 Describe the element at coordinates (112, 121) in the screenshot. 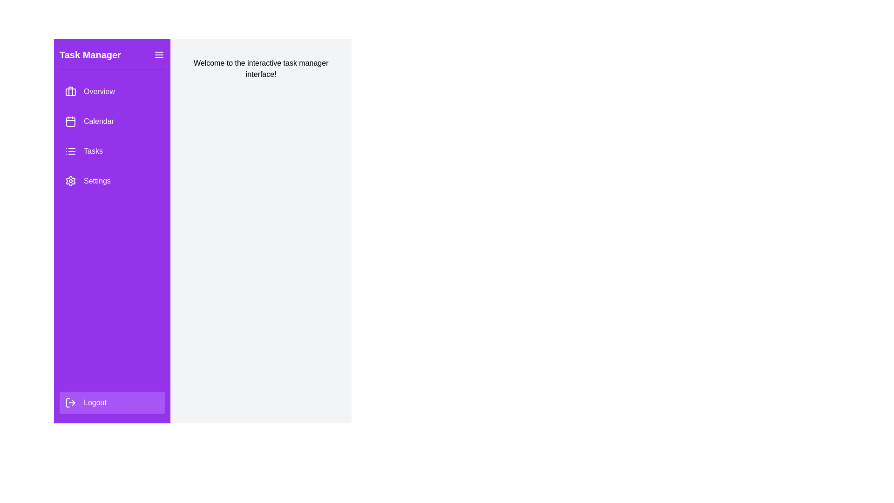

I see `the menu option Calendar from the Task Management Drawer` at that location.